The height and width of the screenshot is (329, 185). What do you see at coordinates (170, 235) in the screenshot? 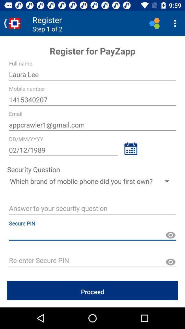
I see `show pin` at bounding box center [170, 235].